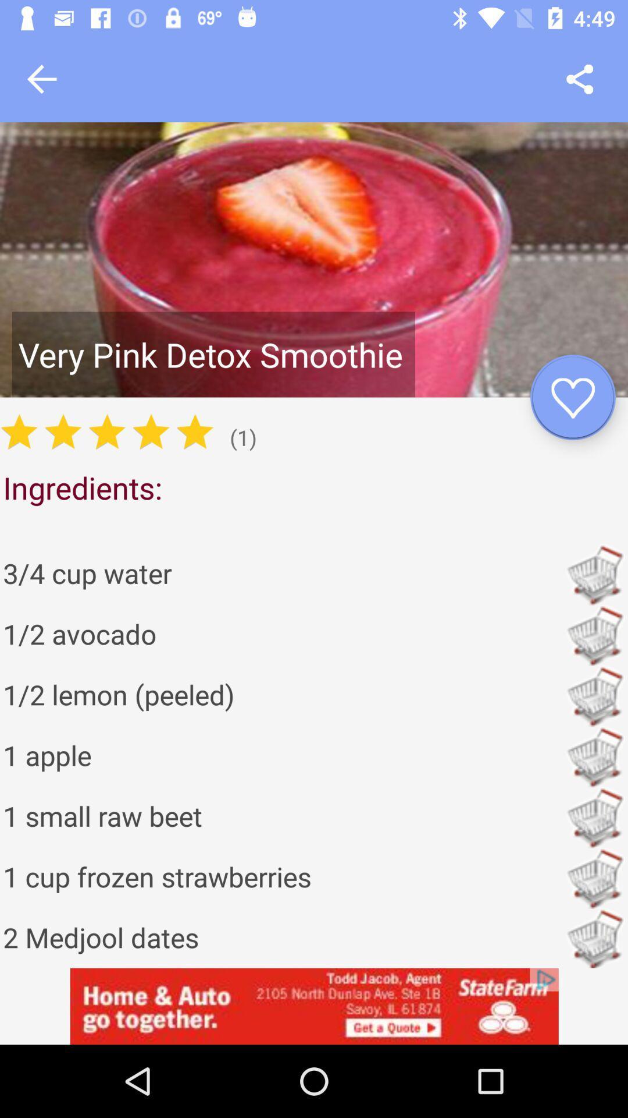 This screenshot has width=628, height=1118. What do you see at coordinates (580, 79) in the screenshot?
I see `share` at bounding box center [580, 79].